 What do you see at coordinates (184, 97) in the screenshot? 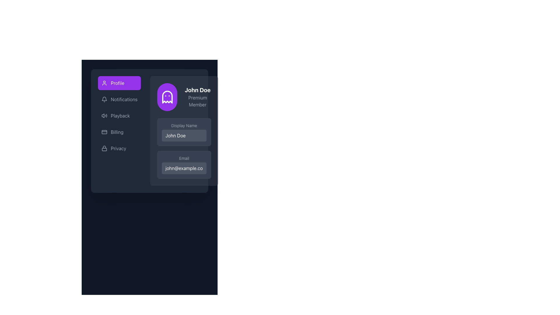
I see `the Profile Summary Section located on the right side of the interface, which displays the user's identity` at bounding box center [184, 97].